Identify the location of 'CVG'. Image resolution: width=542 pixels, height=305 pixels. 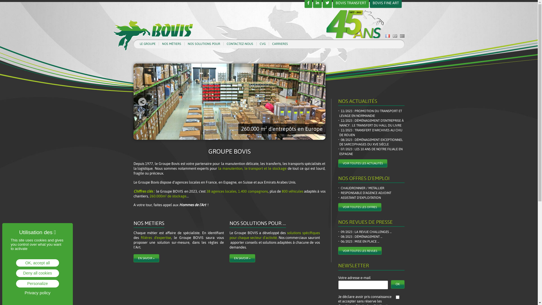
(262, 43).